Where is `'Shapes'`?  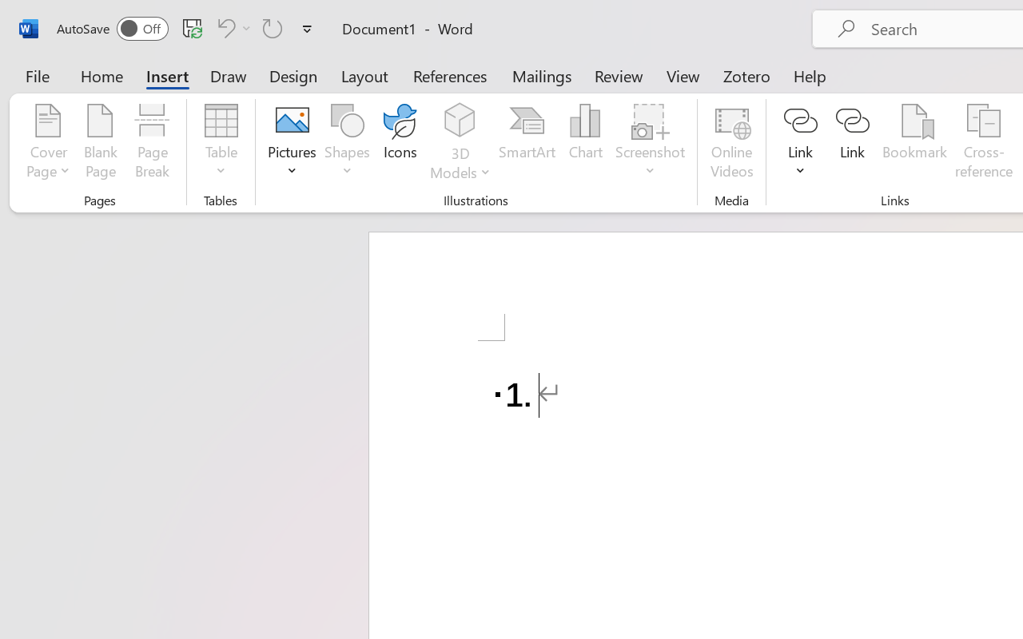 'Shapes' is located at coordinates (347, 143).